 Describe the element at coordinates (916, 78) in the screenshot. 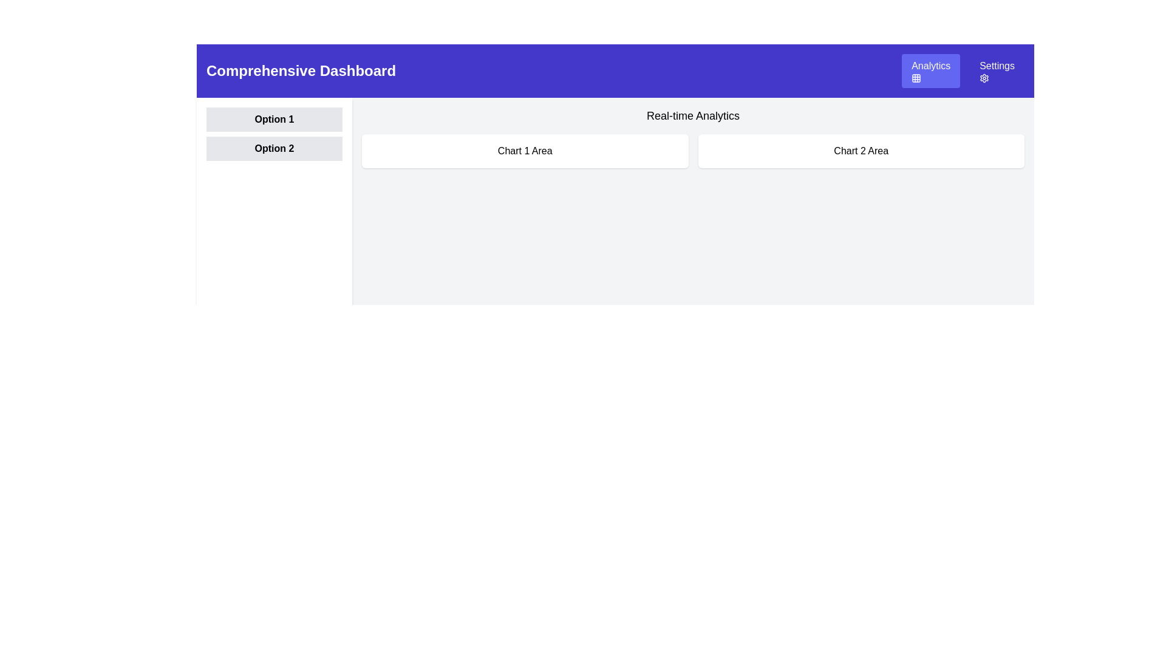

I see `the small grid icon, which is styled with a light blue background and located within the 'Analytics' button on the top navigation bar` at that location.